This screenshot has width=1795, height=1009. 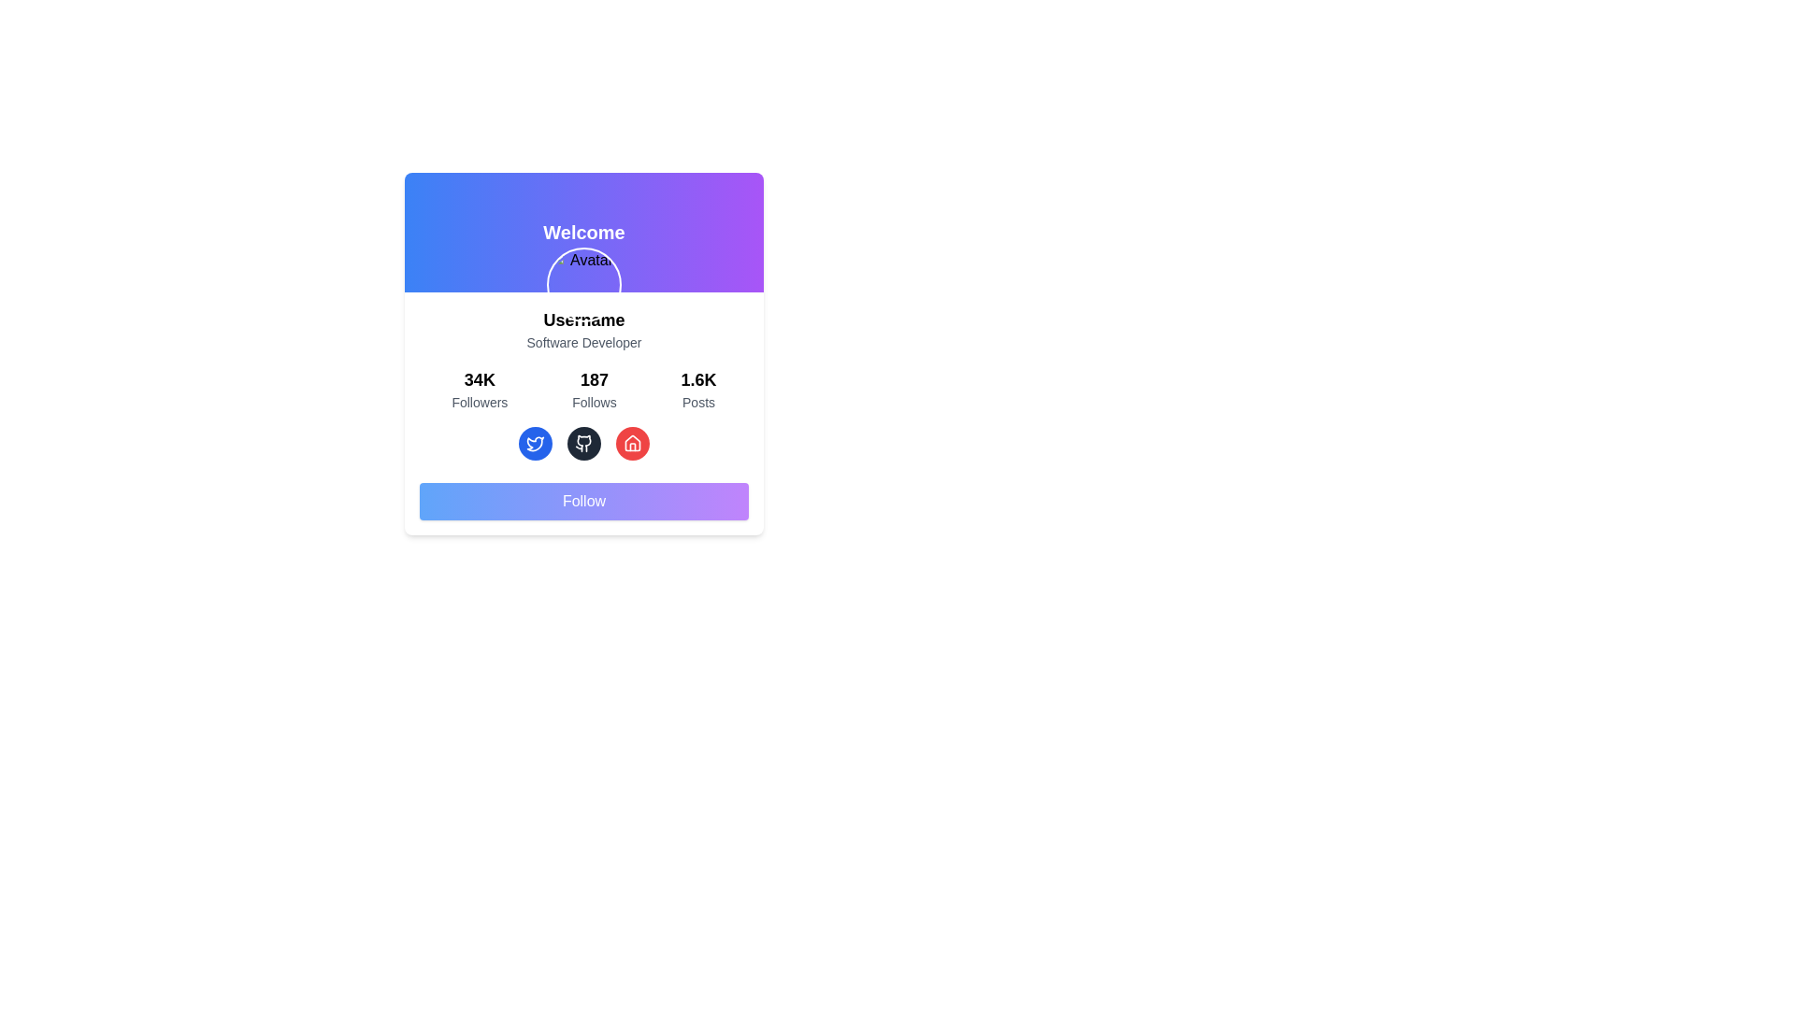 What do you see at coordinates (582, 342) in the screenshot?
I see `the Text Label indicating the user's profession or role, which is located below the 'Username' text and above the follower statistics section` at bounding box center [582, 342].